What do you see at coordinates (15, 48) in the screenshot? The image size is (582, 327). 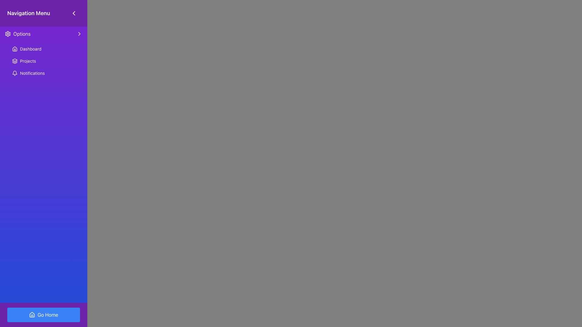 I see `the house outline icon in the blue 'Go Home' button` at bounding box center [15, 48].